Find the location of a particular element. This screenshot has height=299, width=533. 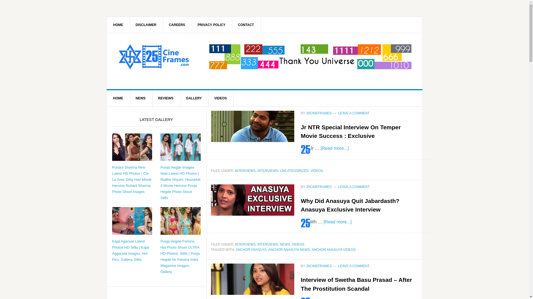

'Why Did Anasuya Quit Jabardasth? Anasuya Exclusive Interview' is located at coordinates (350, 205).